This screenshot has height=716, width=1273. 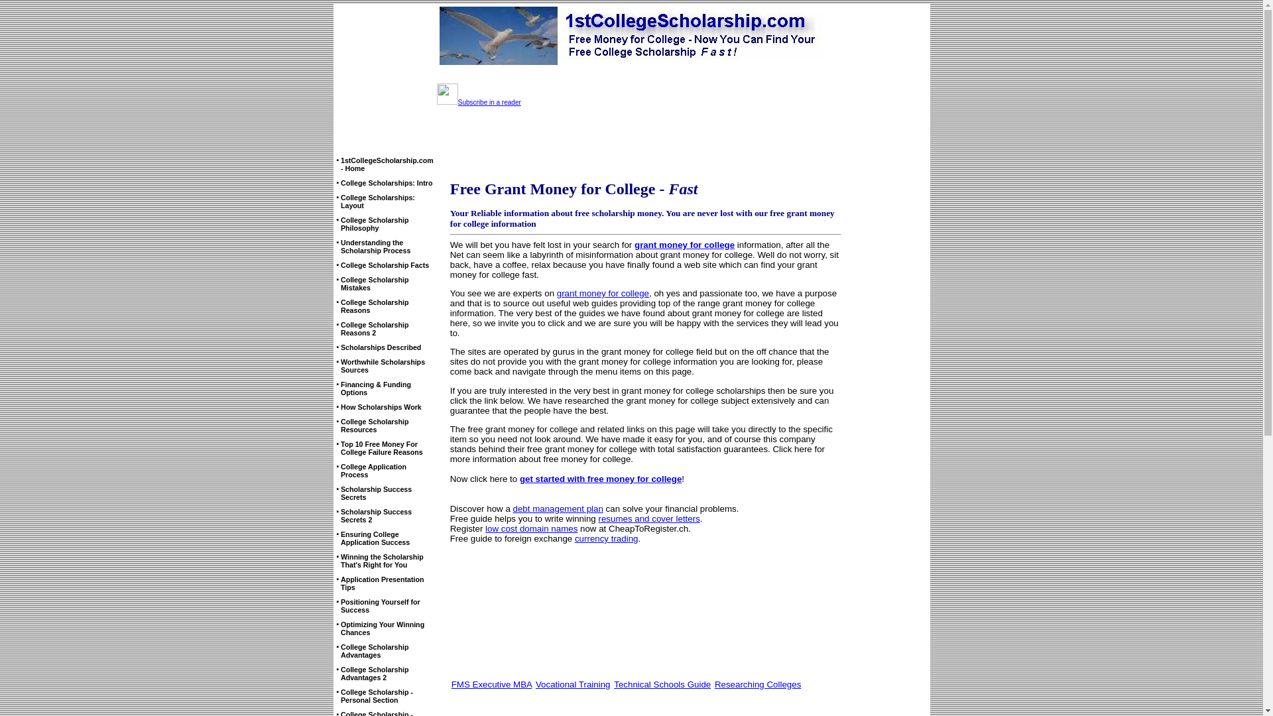 What do you see at coordinates (386, 183) in the screenshot?
I see `'College Scholarships: Intro'` at bounding box center [386, 183].